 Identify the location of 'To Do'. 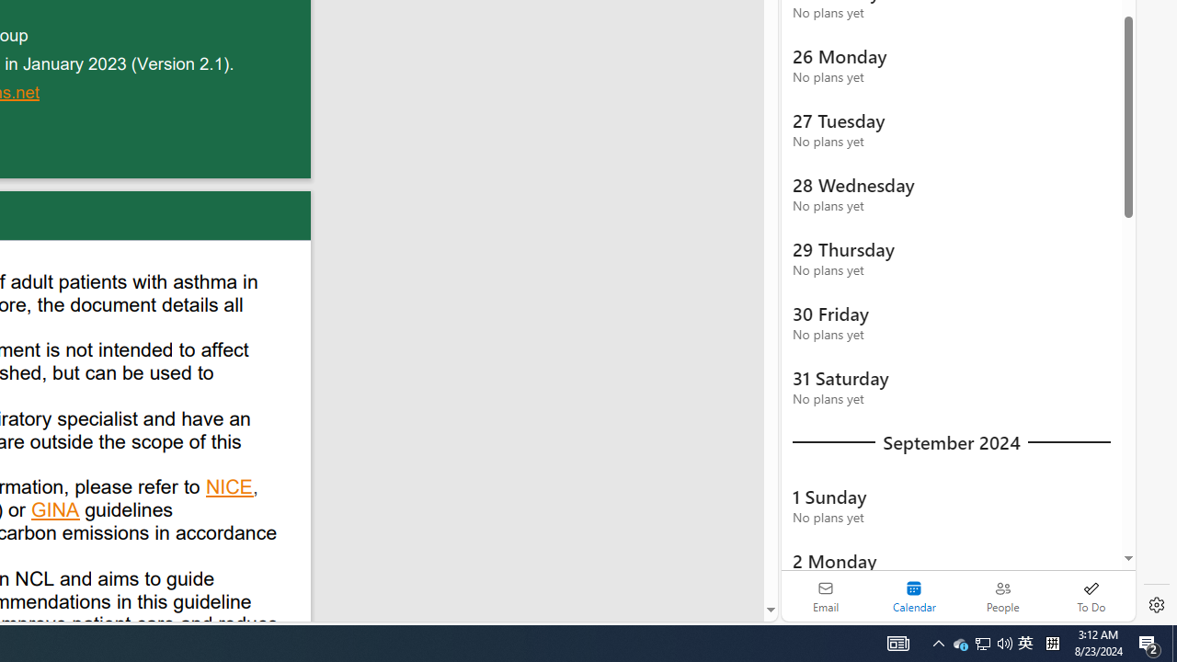
(1091, 596).